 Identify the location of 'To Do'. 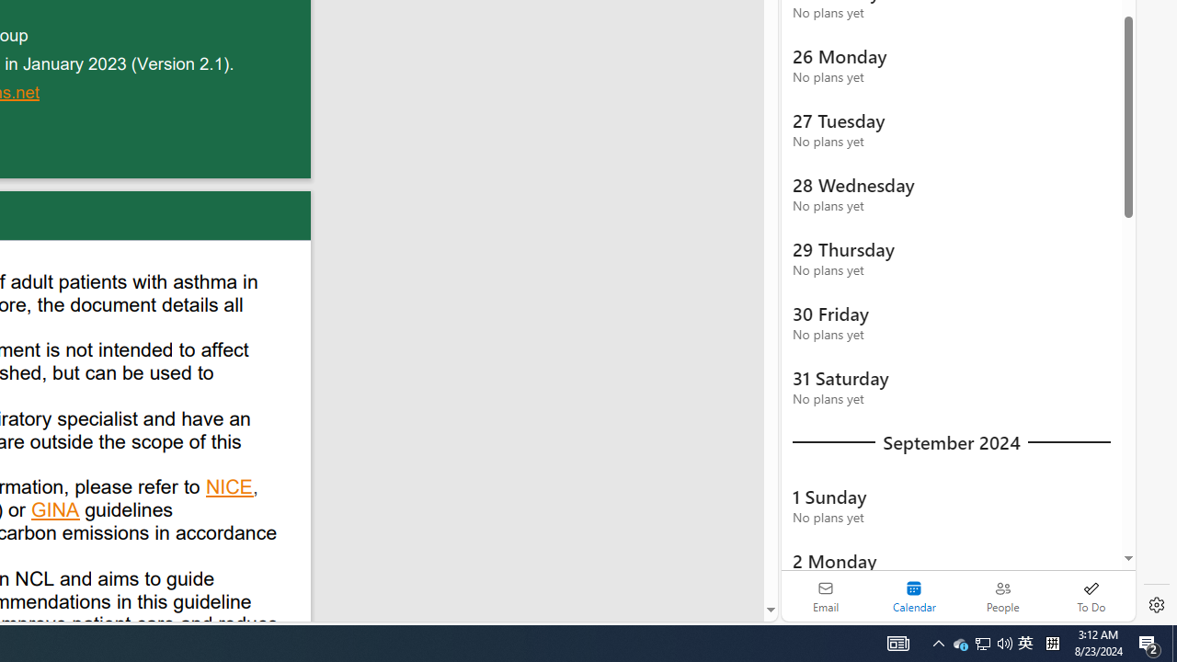
(1091, 596).